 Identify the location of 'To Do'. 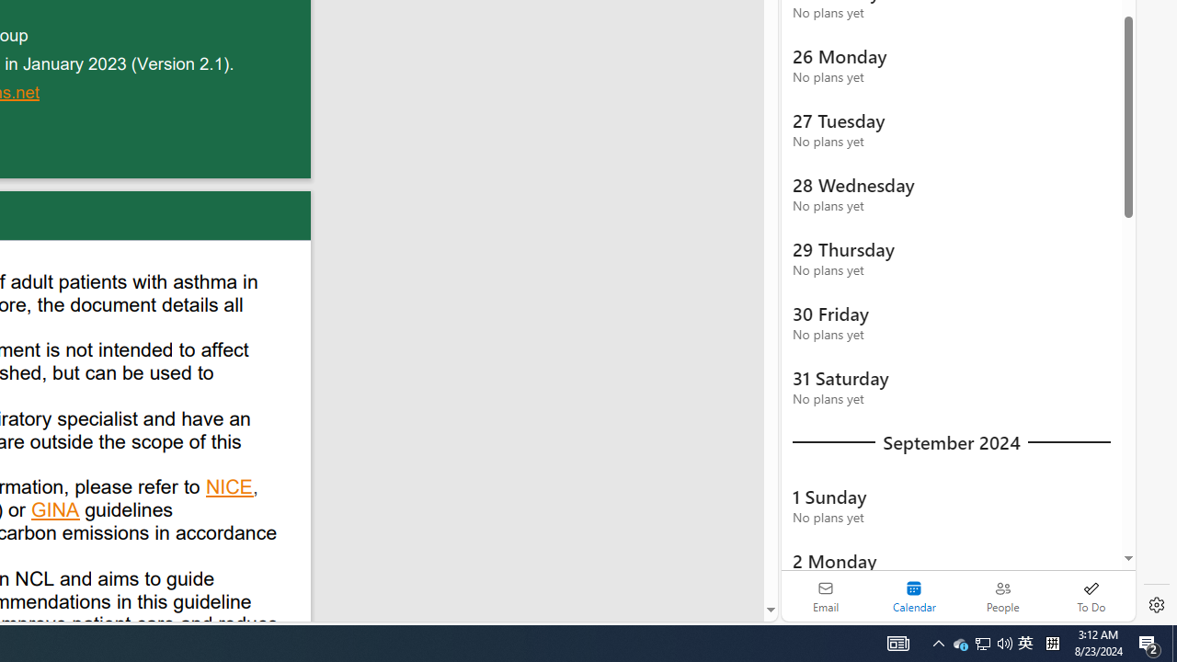
(1091, 596).